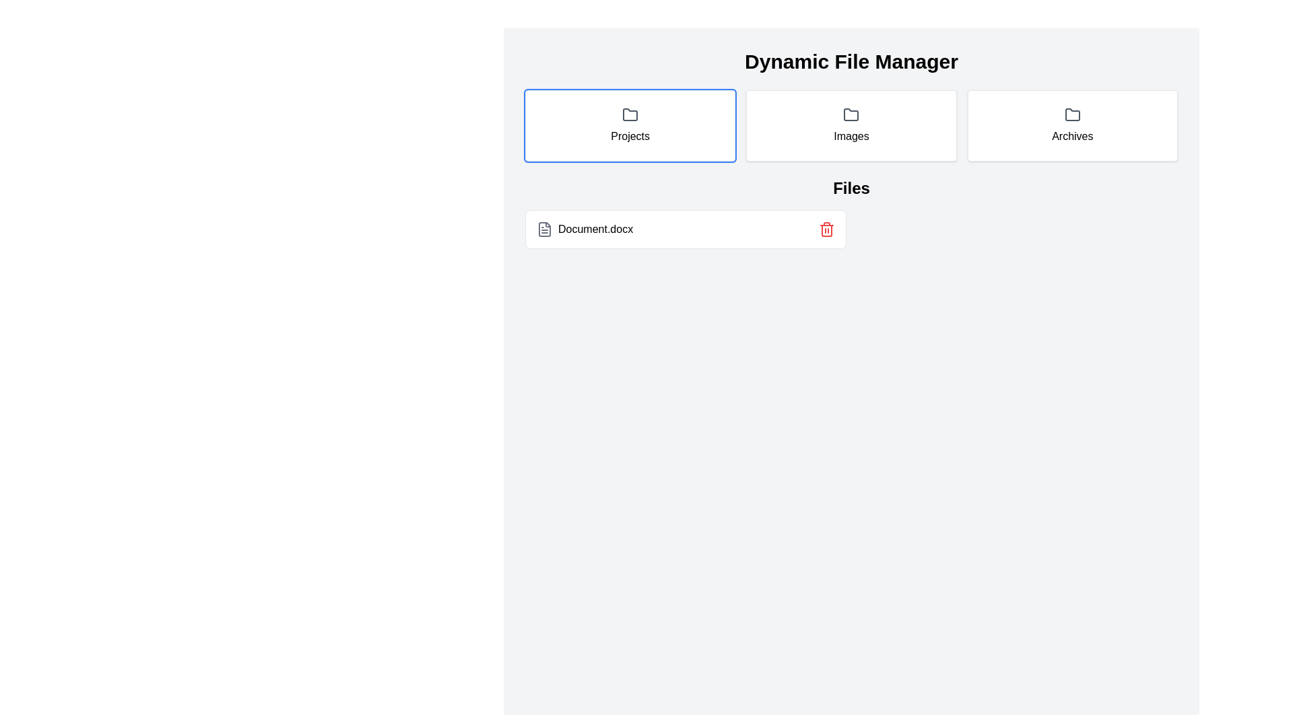 This screenshot has width=1293, height=727. What do you see at coordinates (630, 114) in the screenshot?
I see `the folder icon representing the 'Projects' section, which is located at the top left corner of the 'Files' section` at bounding box center [630, 114].